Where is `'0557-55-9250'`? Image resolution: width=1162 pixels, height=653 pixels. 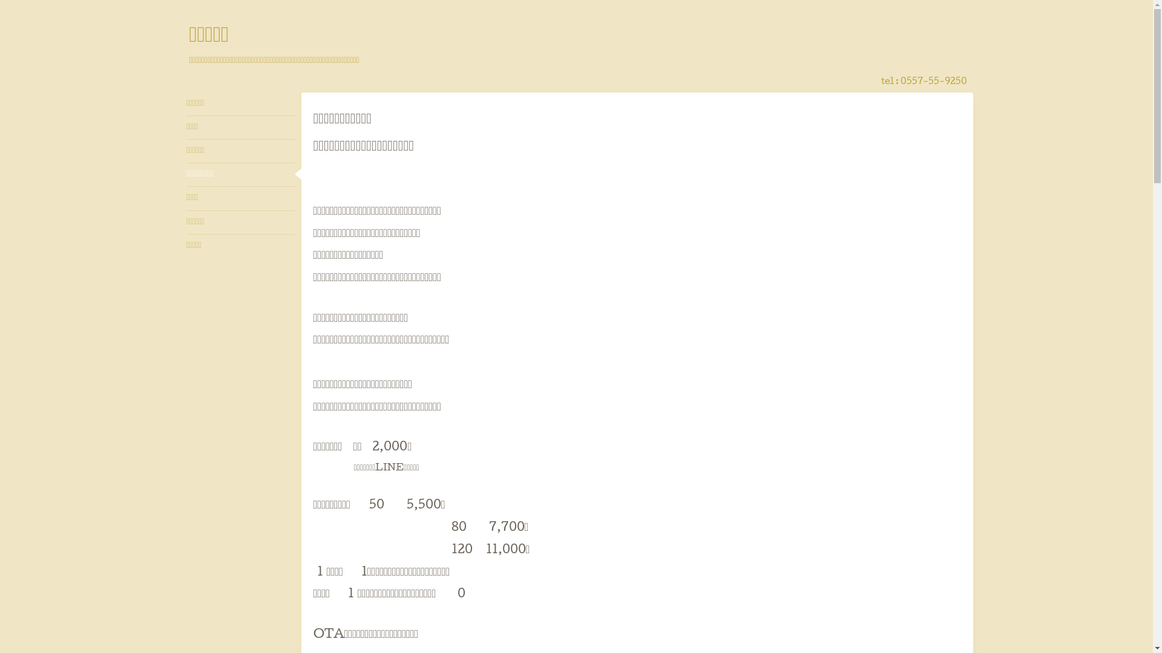
'0557-55-9250' is located at coordinates (933, 82).